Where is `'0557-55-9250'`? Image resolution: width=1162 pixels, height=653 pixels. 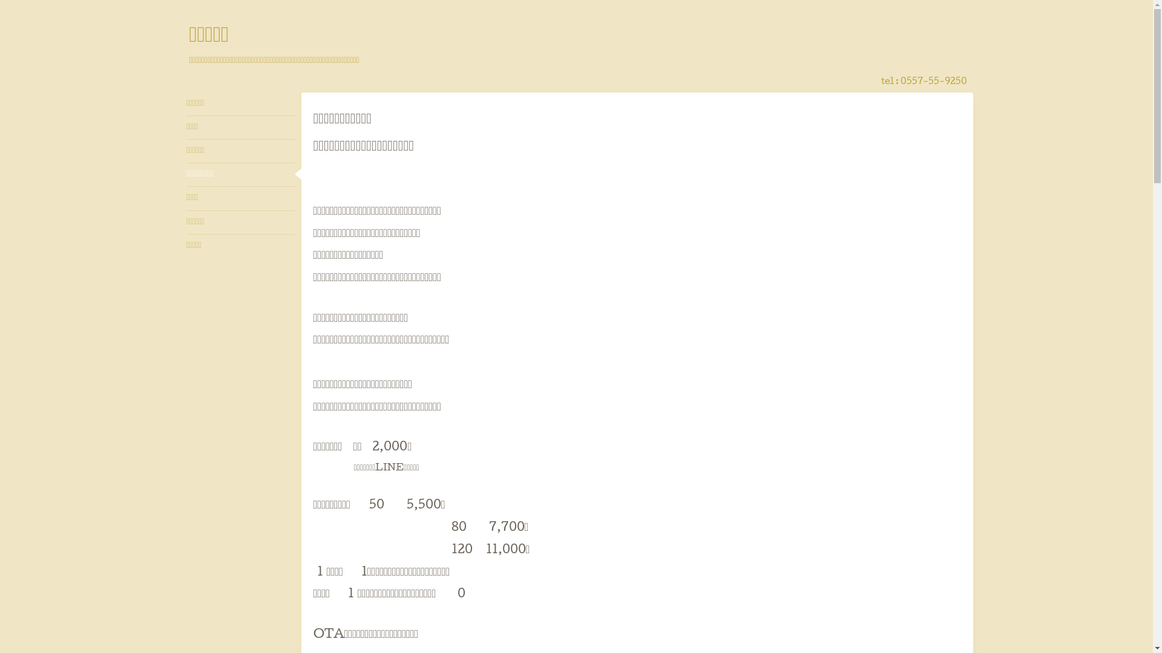
'0557-55-9250' is located at coordinates (933, 82).